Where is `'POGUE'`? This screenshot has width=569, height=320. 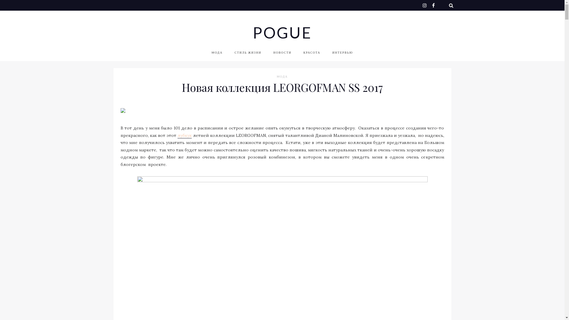
'POGUE' is located at coordinates (252, 33).